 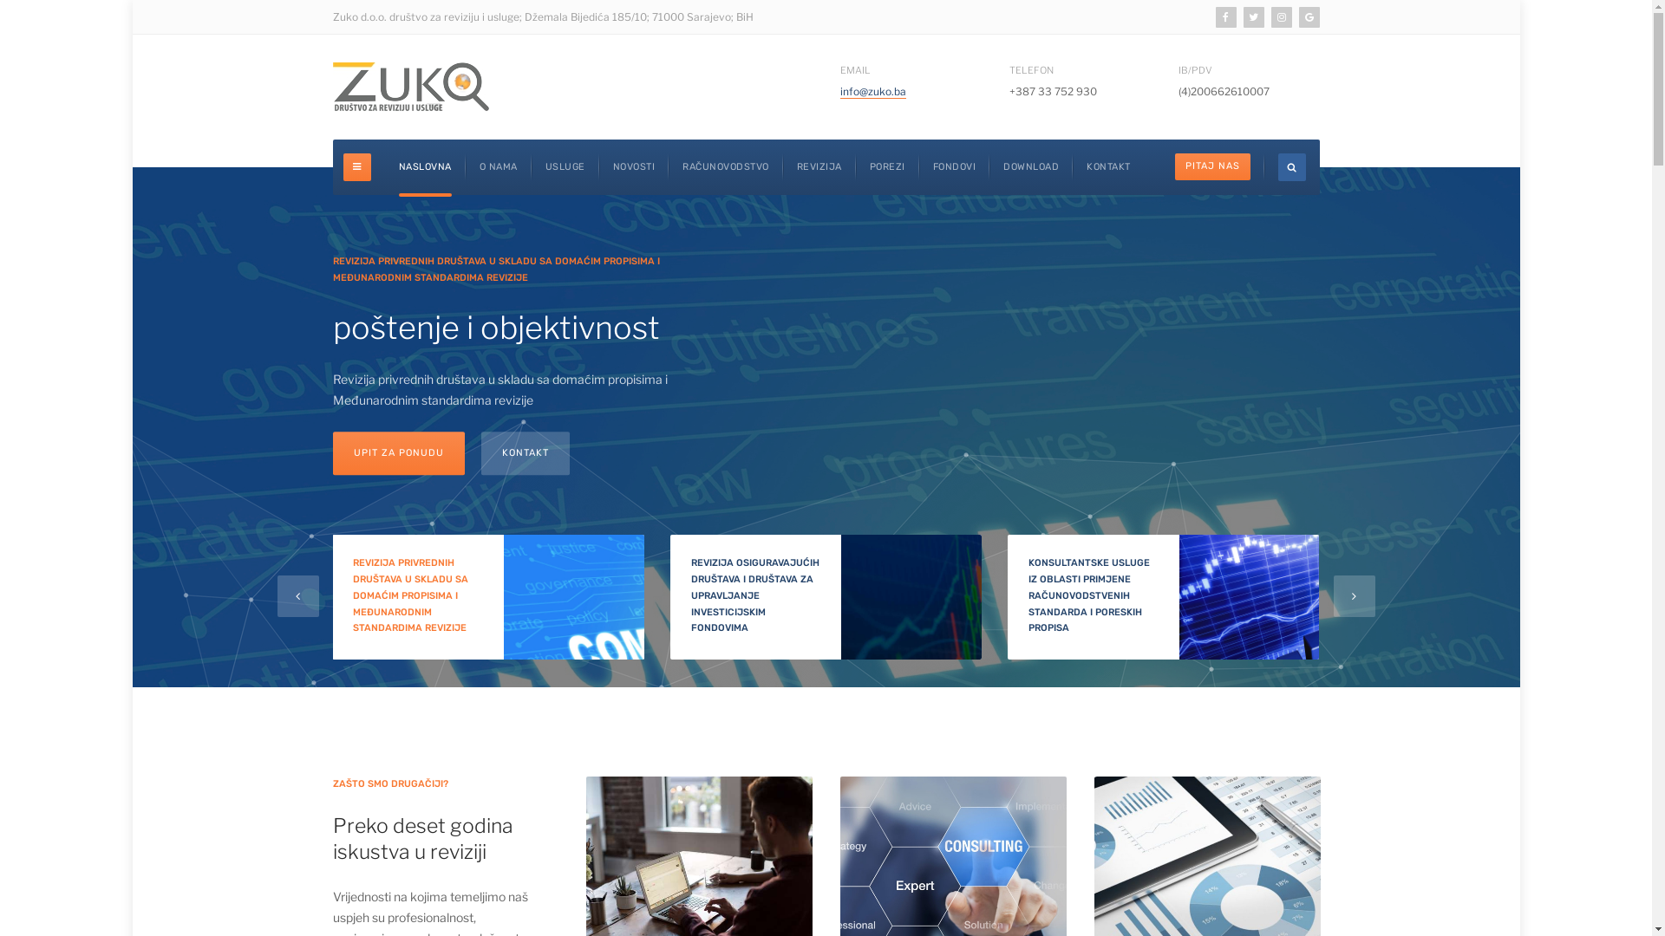 I want to click on 'Facebook', so click(x=1225, y=16).